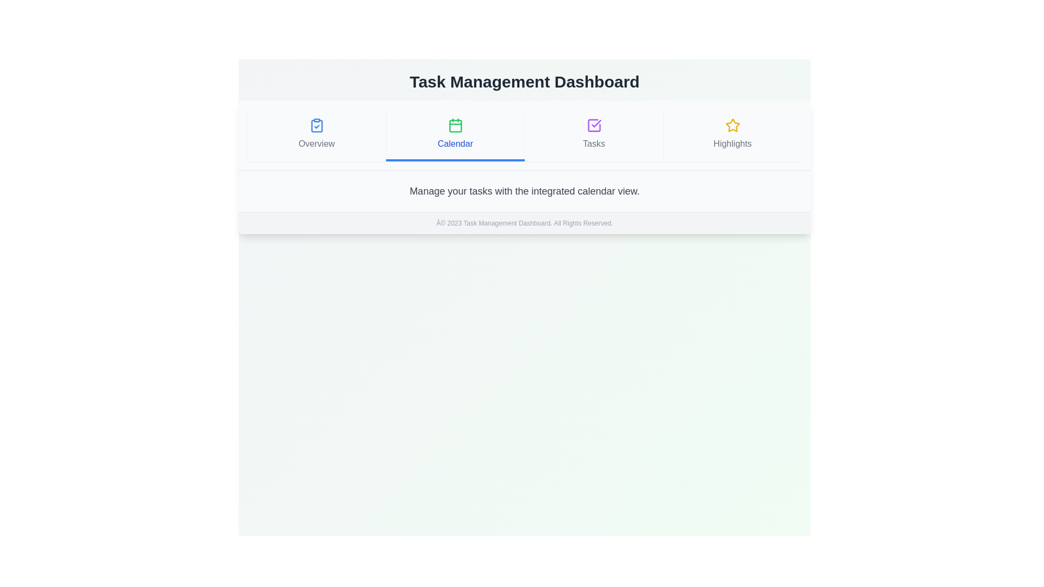  I want to click on the purple square icon with a checkmark, so click(593, 125).